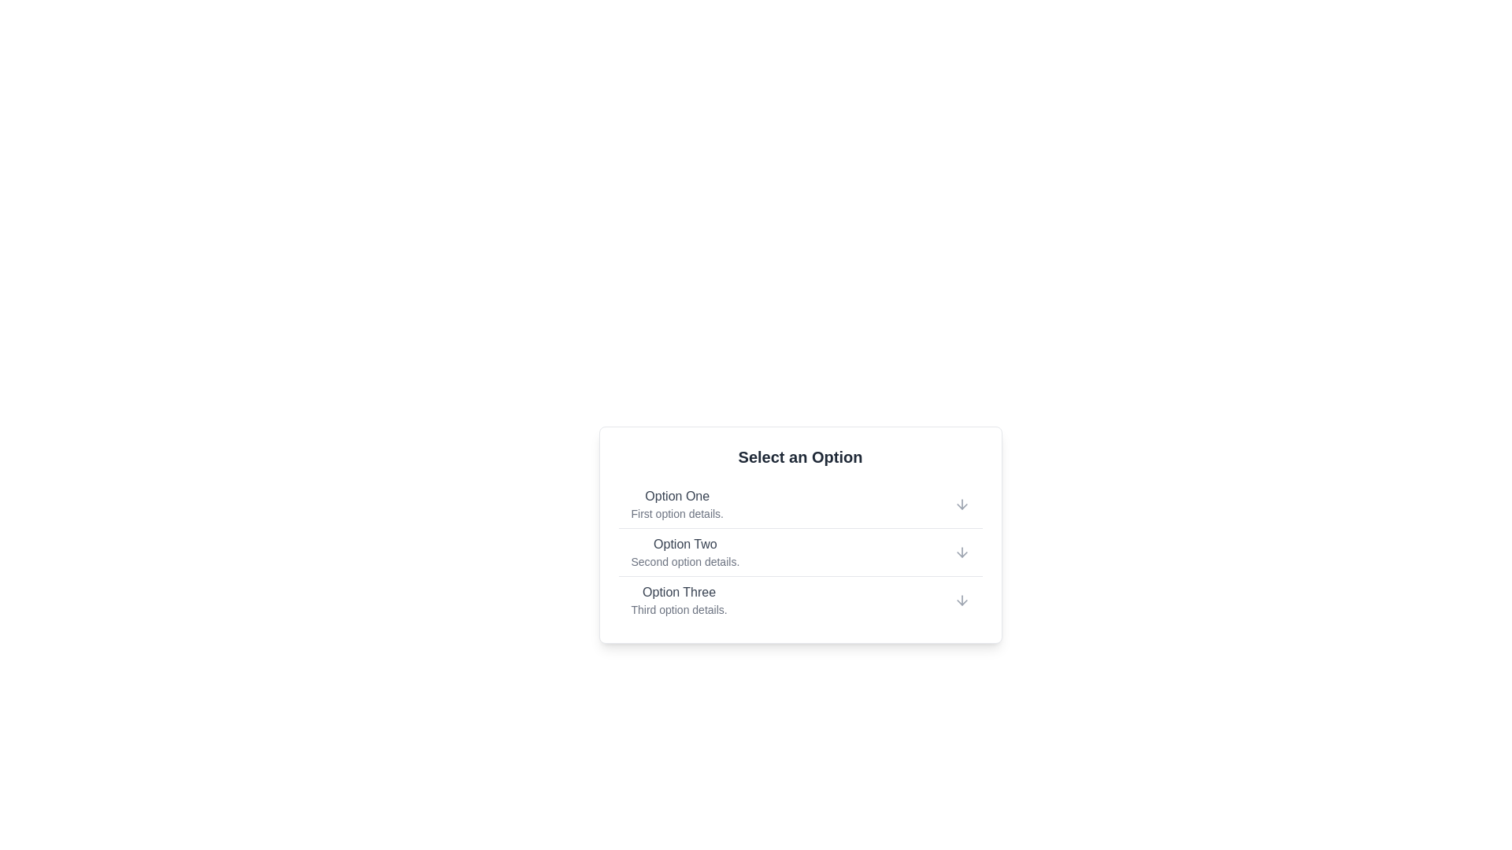  What do you see at coordinates (685, 552) in the screenshot?
I see `the second option in the dropdown list, which is located directly below 'Option One' and above 'Option Three'` at bounding box center [685, 552].